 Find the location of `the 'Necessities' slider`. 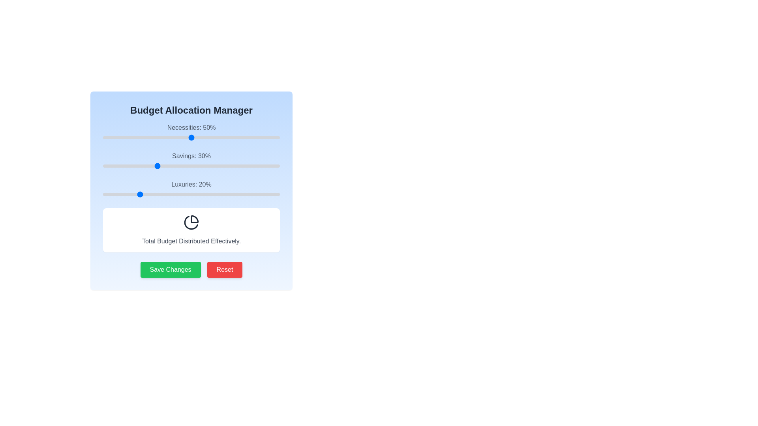

the 'Necessities' slider is located at coordinates (126, 137).